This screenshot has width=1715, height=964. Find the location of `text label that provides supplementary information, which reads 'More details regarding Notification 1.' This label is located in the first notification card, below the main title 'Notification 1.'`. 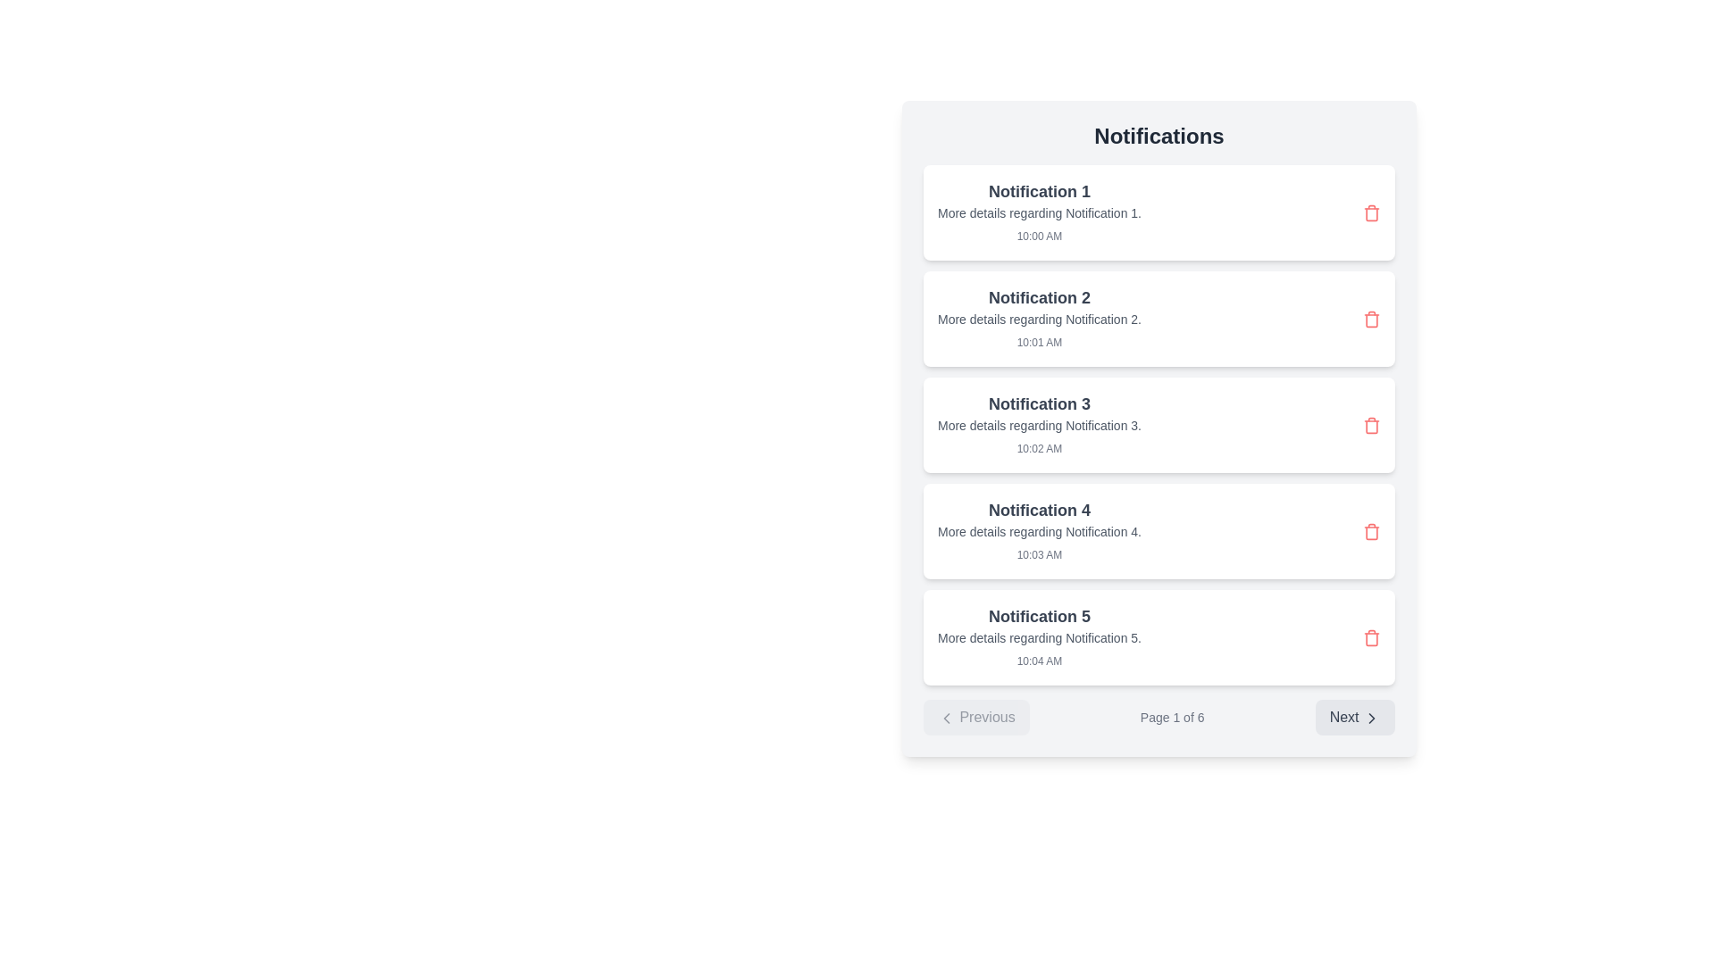

text label that provides supplementary information, which reads 'More details regarding Notification 1.' This label is located in the first notification card, below the main title 'Notification 1.' is located at coordinates (1040, 212).